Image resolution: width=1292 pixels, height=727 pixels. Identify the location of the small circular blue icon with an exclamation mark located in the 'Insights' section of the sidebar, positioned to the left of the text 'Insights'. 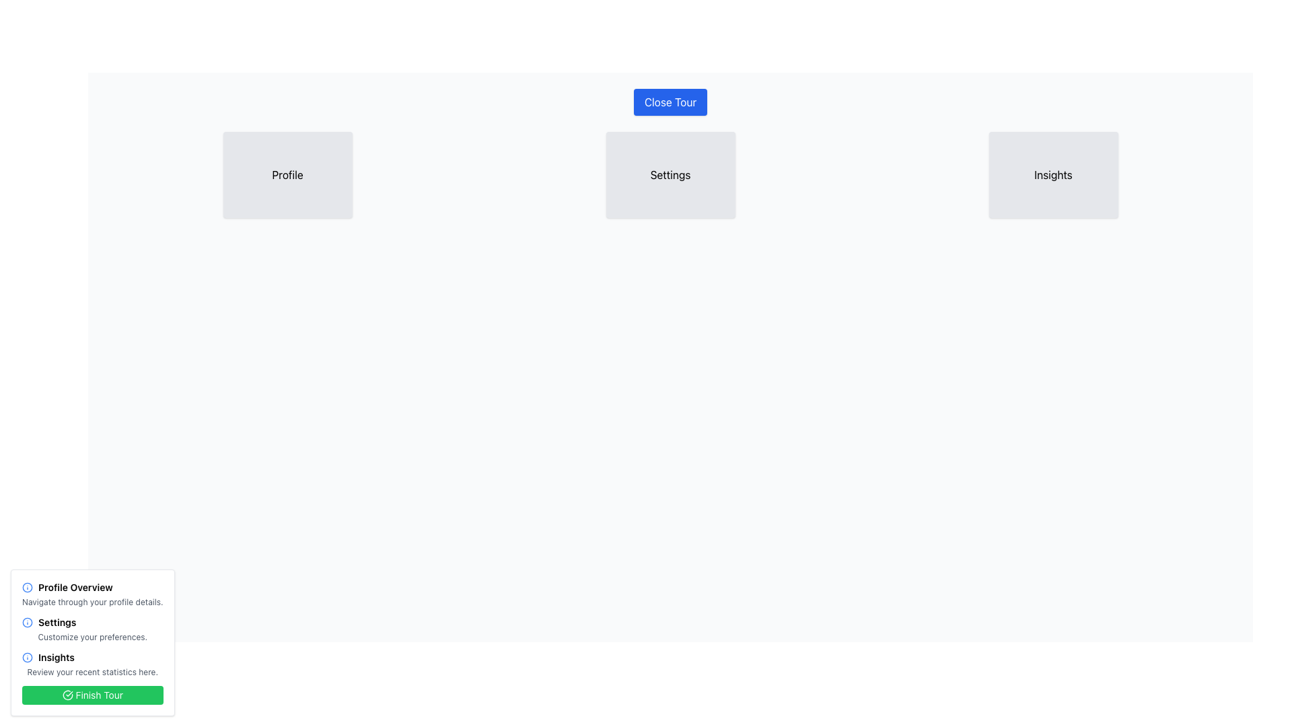
(28, 656).